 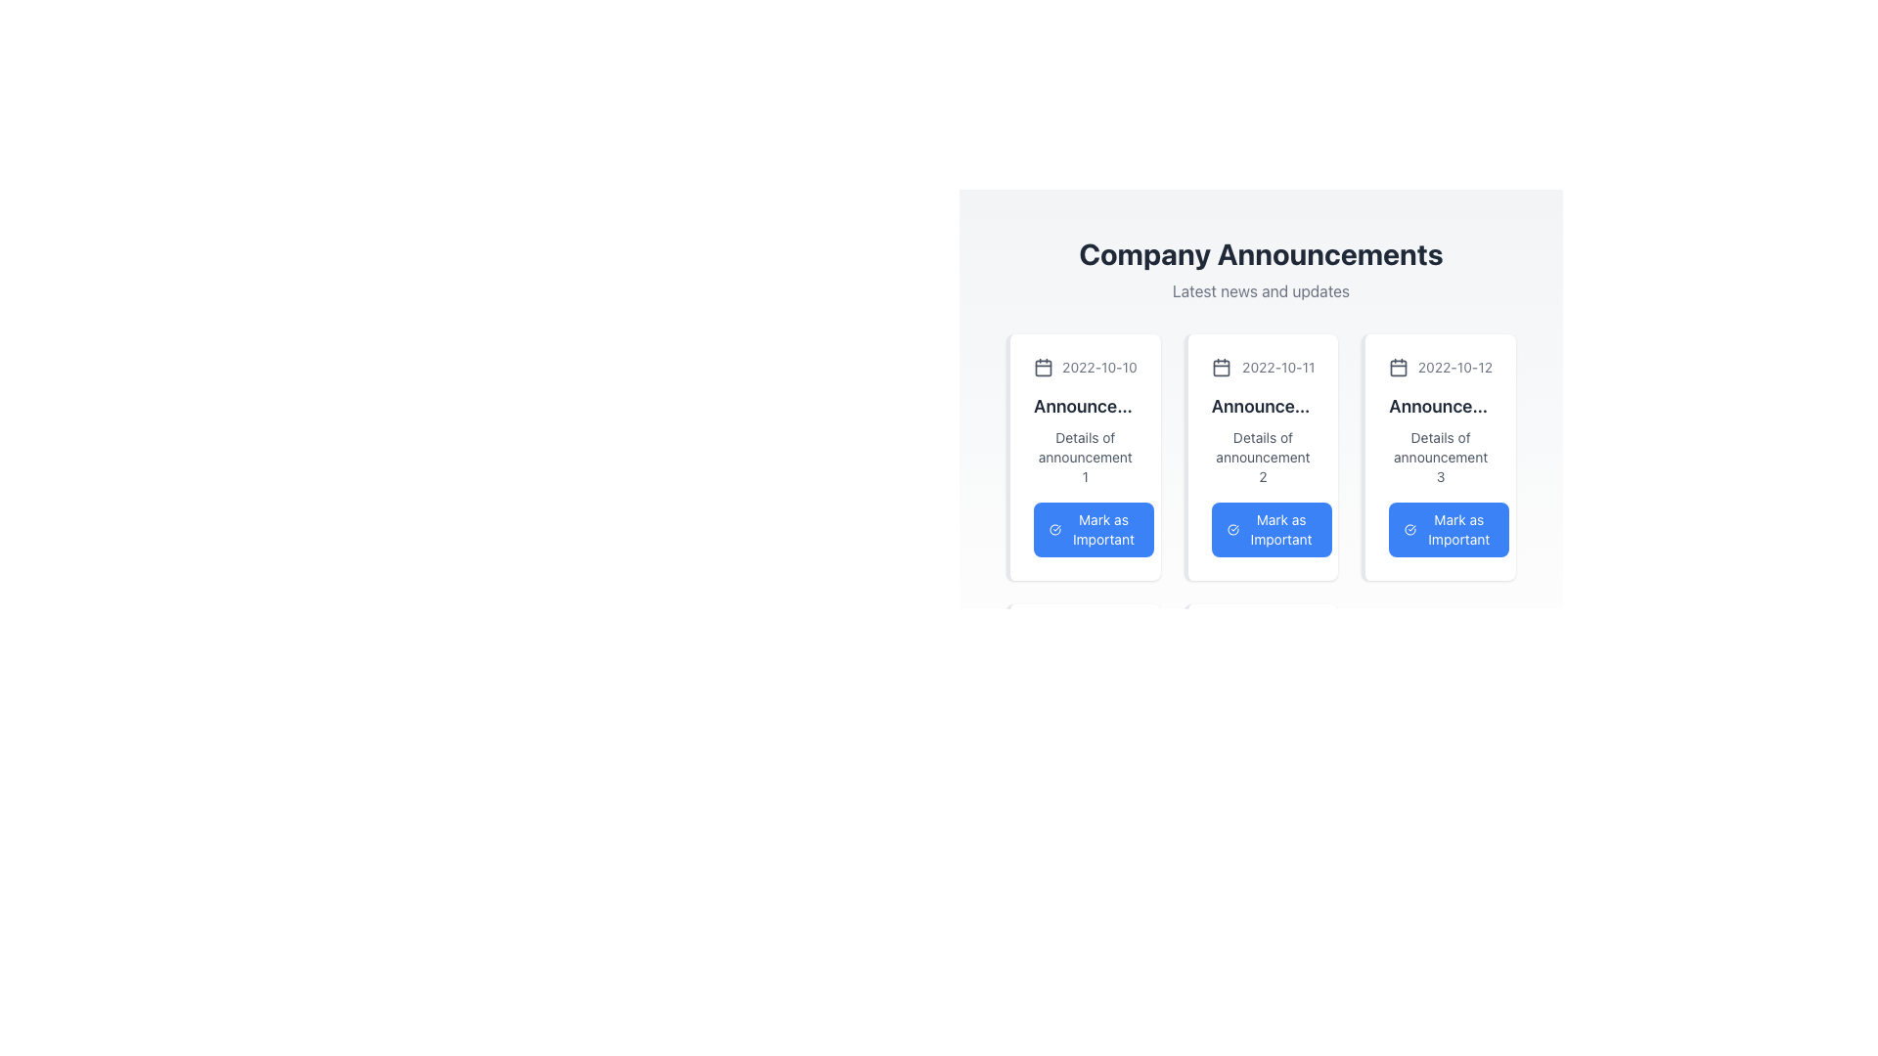 I want to click on date information displayed in the Text Label with Icon showing '2022-10-12' next to a calendar icon at the top of the announcement card for 'Announcement 3', so click(x=1441, y=367).